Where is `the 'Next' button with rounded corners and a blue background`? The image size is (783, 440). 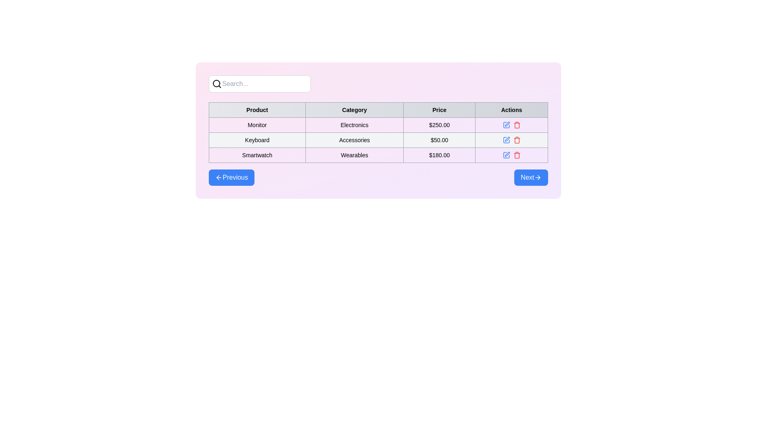 the 'Next' button with rounded corners and a blue background is located at coordinates (531, 177).